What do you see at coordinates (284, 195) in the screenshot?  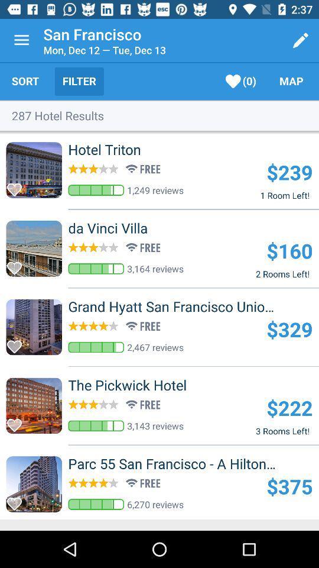 I see `the 1 room left! icon` at bounding box center [284, 195].